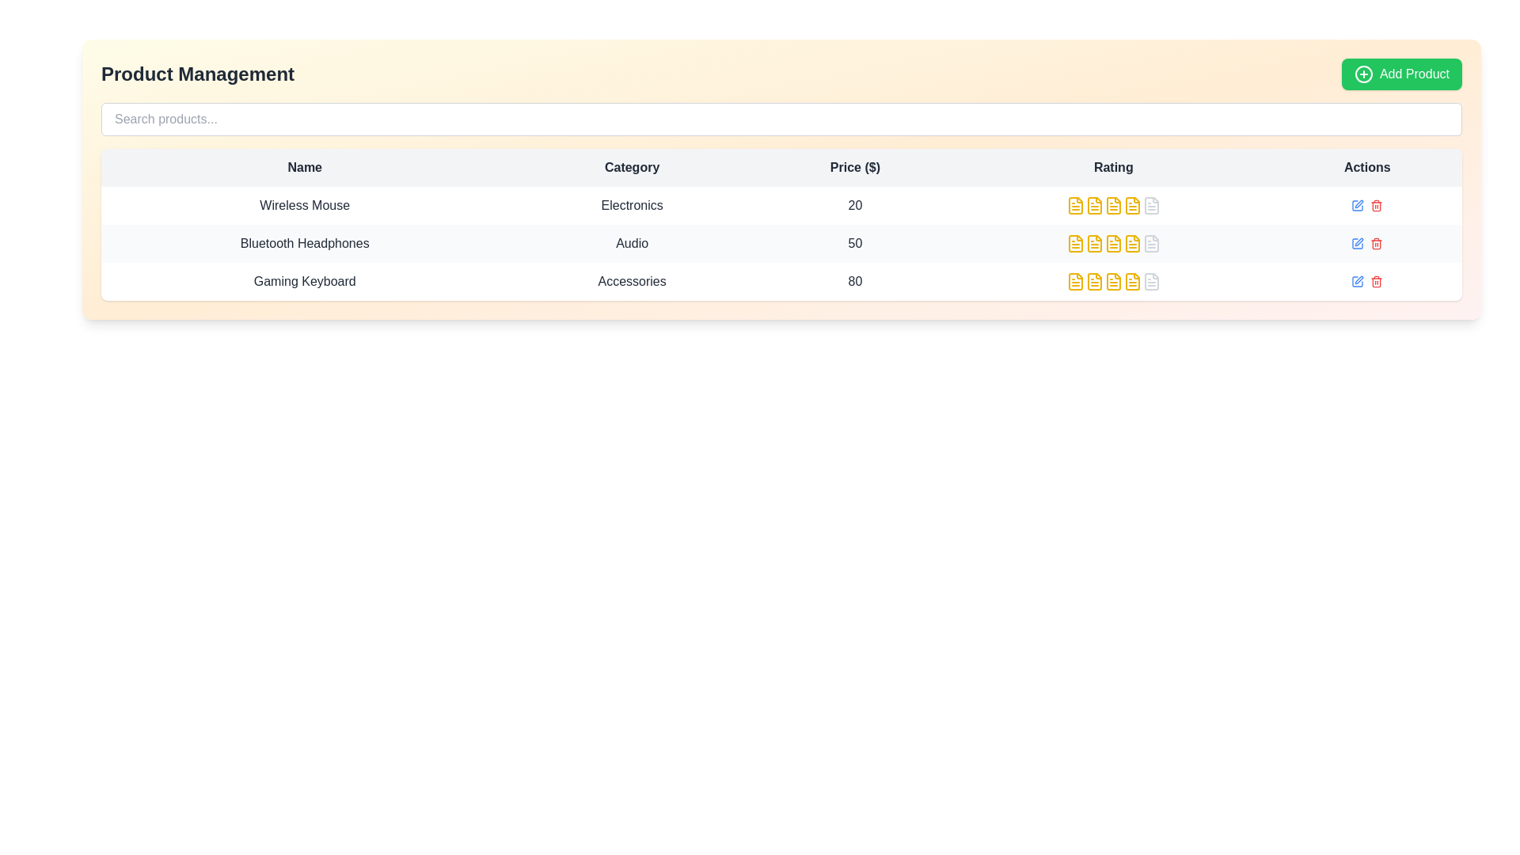  What do you see at coordinates (1112, 244) in the screenshot?
I see `the yellow-colored document icon with a gray border in the 'Rating' column for the 'Bluetooth Headphones' entry` at bounding box center [1112, 244].